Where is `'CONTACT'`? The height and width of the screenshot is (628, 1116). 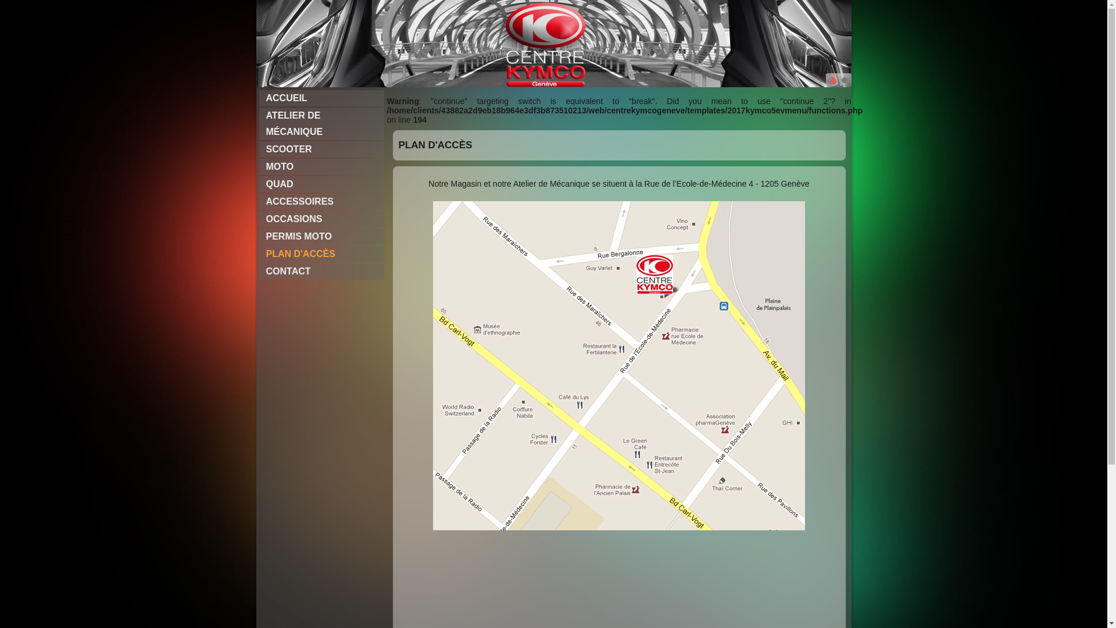
'CONTACT' is located at coordinates (321, 271).